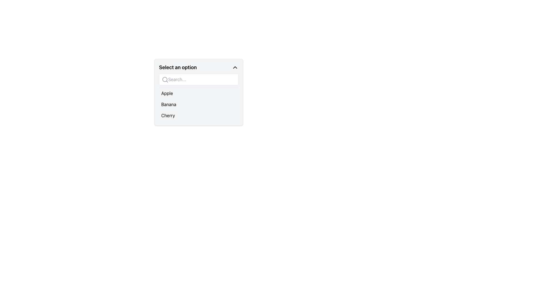 Image resolution: width=533 pixels, height=300 pixels. What do you see at coordinates (165, 79) in the screenshot?
I see `the decorative magnifying glass icon positioned inside the search box, aligned to the left edge of the text input field` at bounding box center [165, 79].